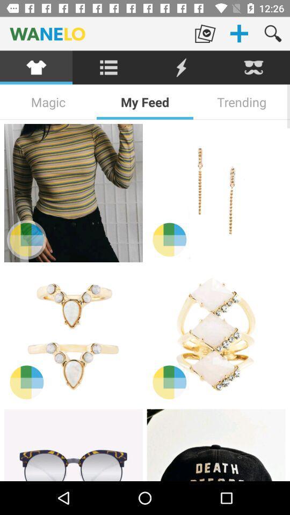 The width and height of the screenshot is (290, 515). Describe the element at coordinates (216, 193) in the screenshot. I see `item` at that location.